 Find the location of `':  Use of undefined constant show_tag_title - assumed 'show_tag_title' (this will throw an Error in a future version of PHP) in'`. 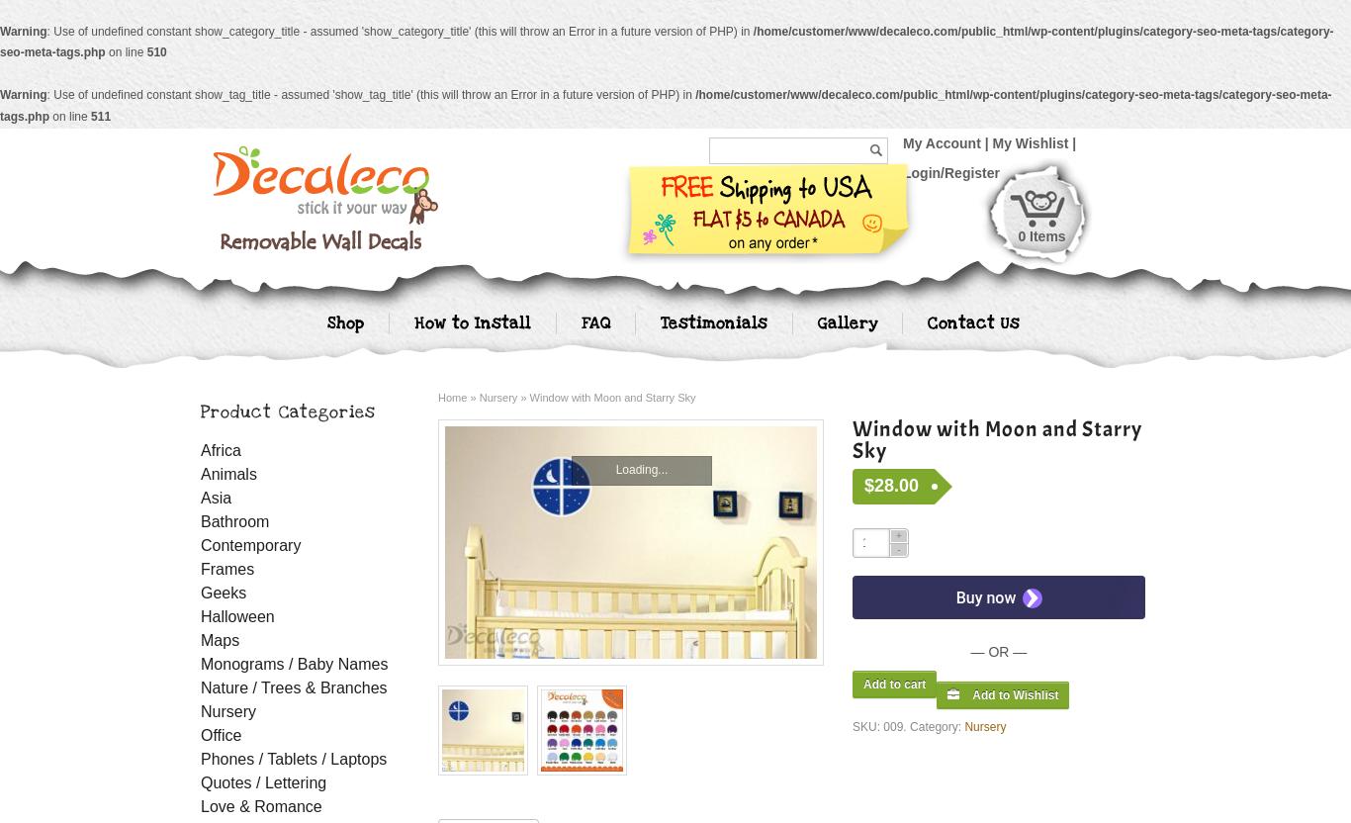

':  Use of undefined constant show_tag_title - assumed 'show_tag_title' (this will throw an Error in a future version of PHP) in' is located at coordinates (369, 94).